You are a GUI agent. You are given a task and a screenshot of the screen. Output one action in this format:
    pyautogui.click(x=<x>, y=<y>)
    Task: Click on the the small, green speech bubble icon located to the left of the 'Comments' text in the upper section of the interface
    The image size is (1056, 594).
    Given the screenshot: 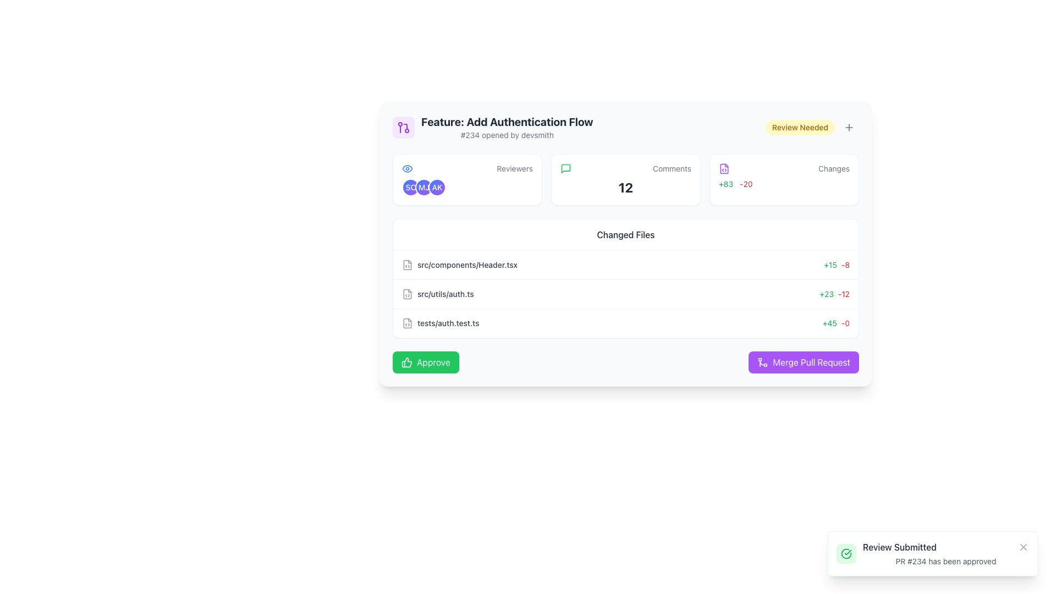 What is the action you would take?
    pyautogui.click(x=565, y=169)
    